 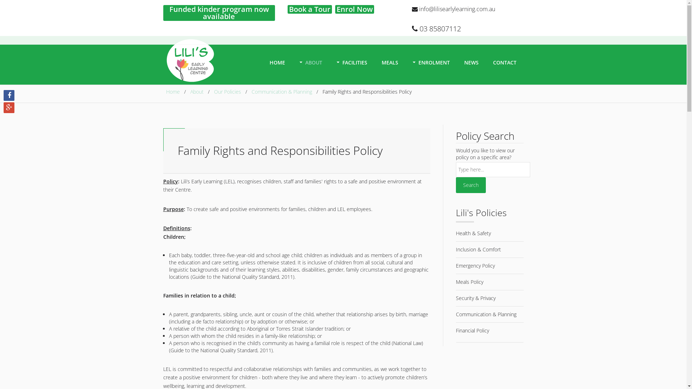 What do you see at coordinates (435, 28) in the screenshot?
I see `'03 85807112'` at bounding box center [435, 28].